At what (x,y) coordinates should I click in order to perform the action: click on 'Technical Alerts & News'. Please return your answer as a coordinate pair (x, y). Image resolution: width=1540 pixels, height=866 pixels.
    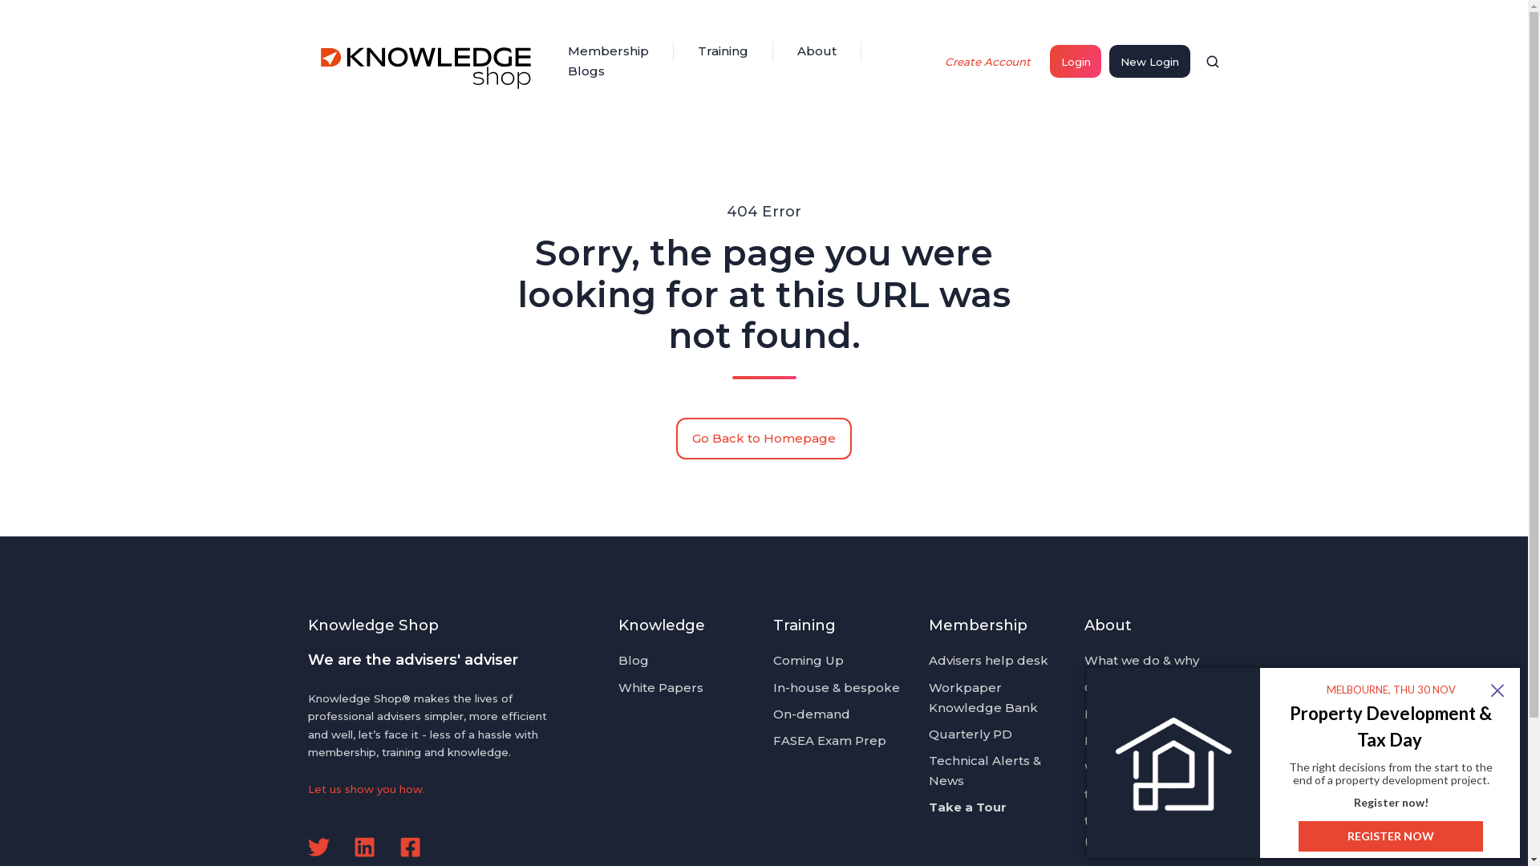
    Looking at the image, I should click on (984, 769).